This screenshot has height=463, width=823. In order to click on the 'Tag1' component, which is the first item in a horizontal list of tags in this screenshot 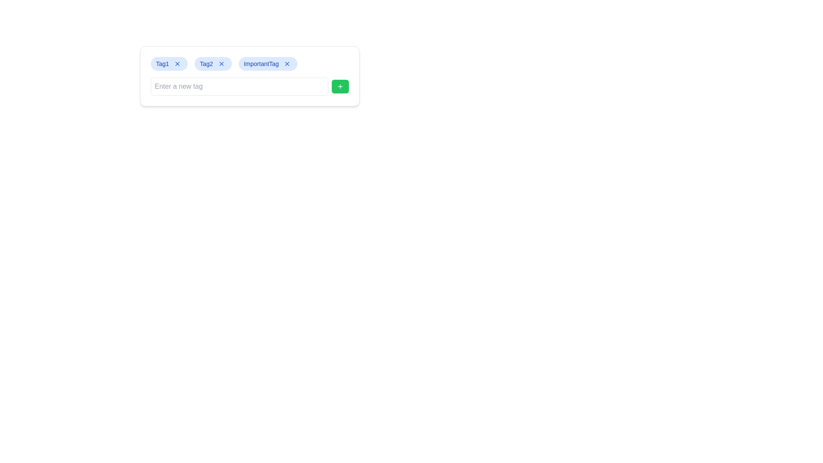, I will do `click(169, 63)`.